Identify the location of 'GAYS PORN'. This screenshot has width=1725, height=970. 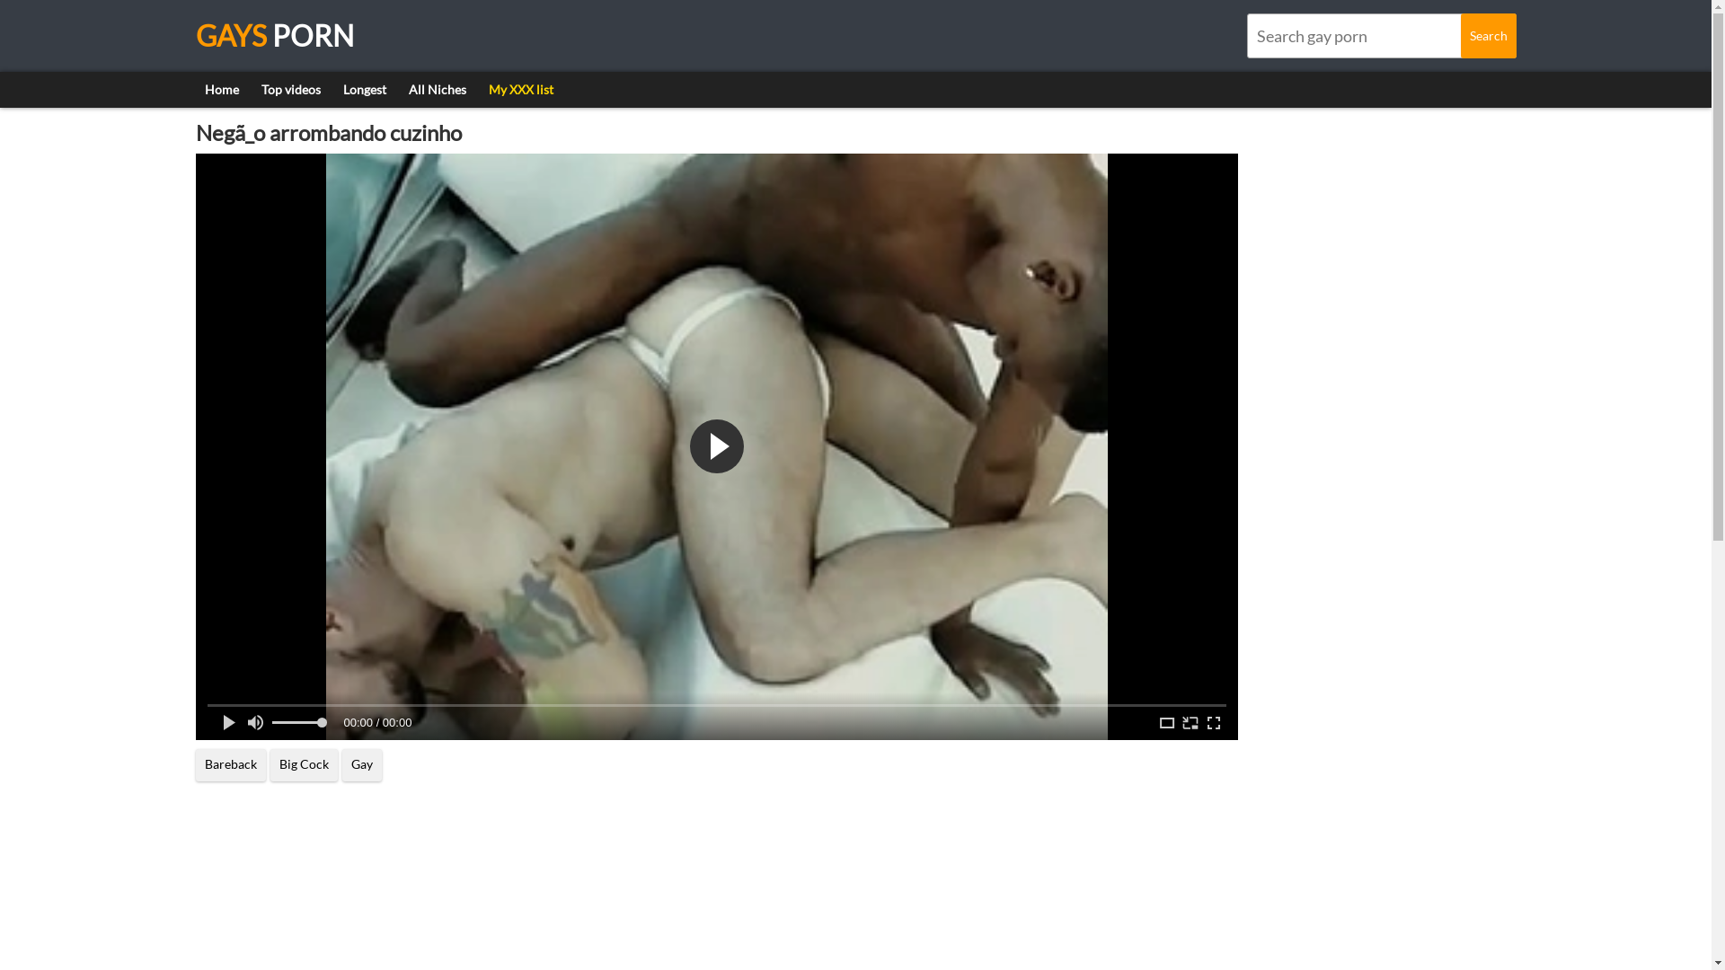
(274, 35).